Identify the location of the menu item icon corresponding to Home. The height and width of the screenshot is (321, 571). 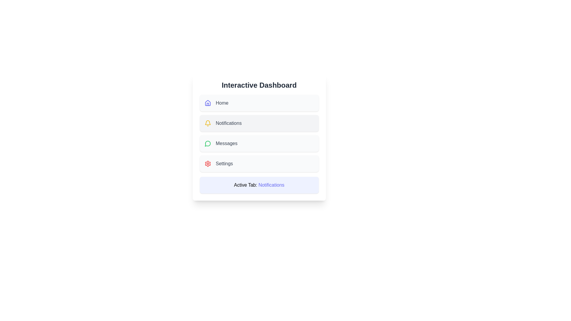
(208, 103).